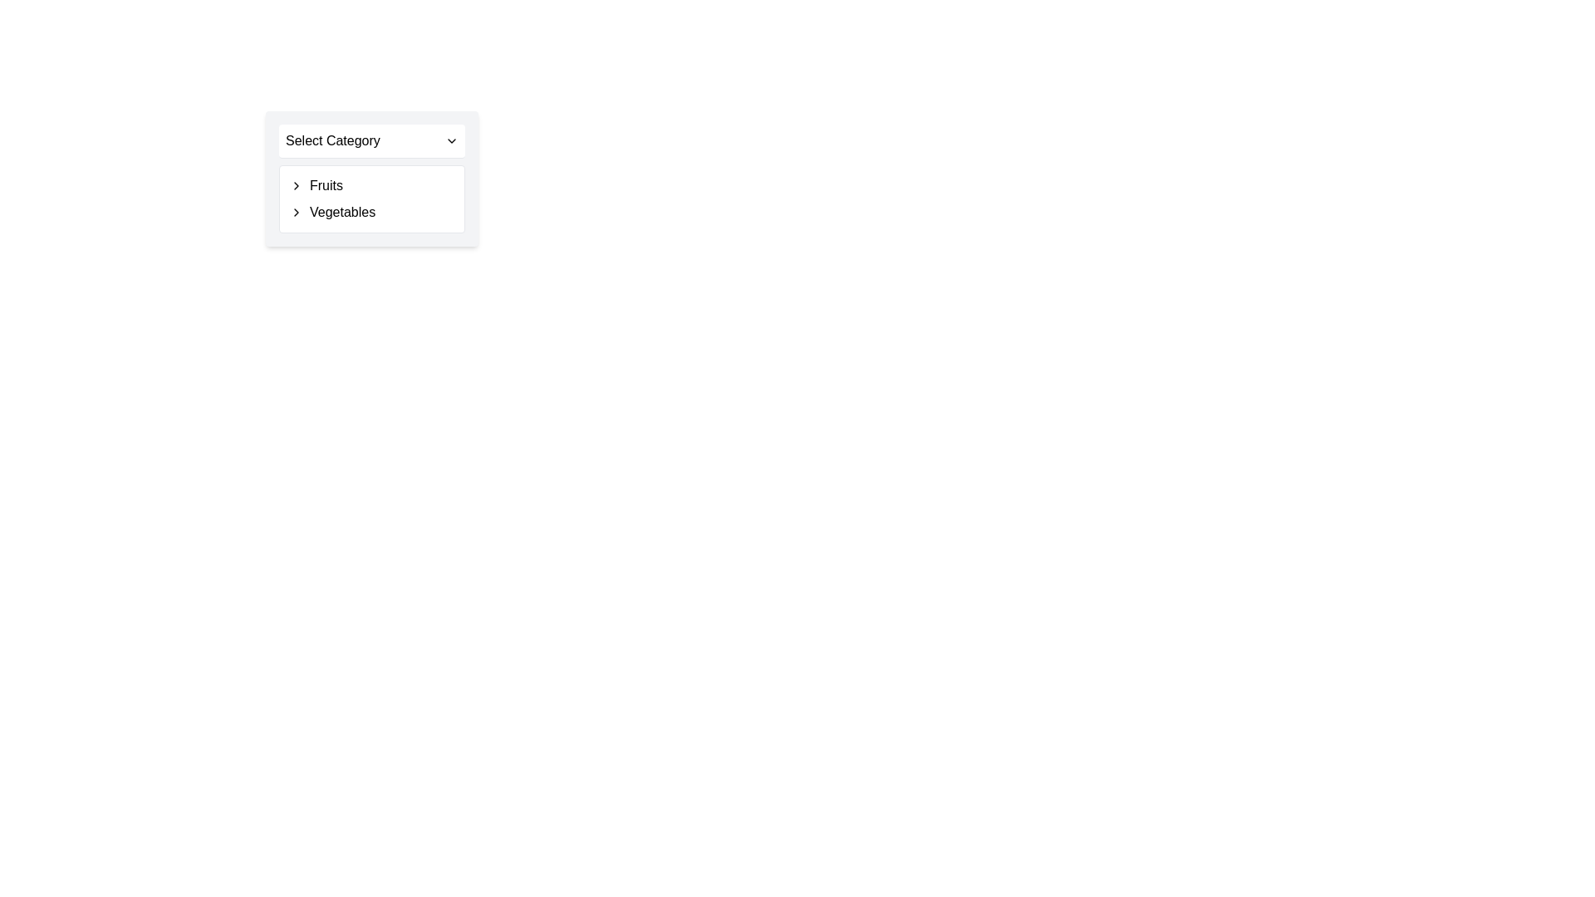  What do you see at coordinates (371, 211) in the screenshot?
I see `the second item in the vertical list labeled 'Select Category', which displays the text 'Vegetables' next to a right-pointing chevron` at bounding box center [371, 211].